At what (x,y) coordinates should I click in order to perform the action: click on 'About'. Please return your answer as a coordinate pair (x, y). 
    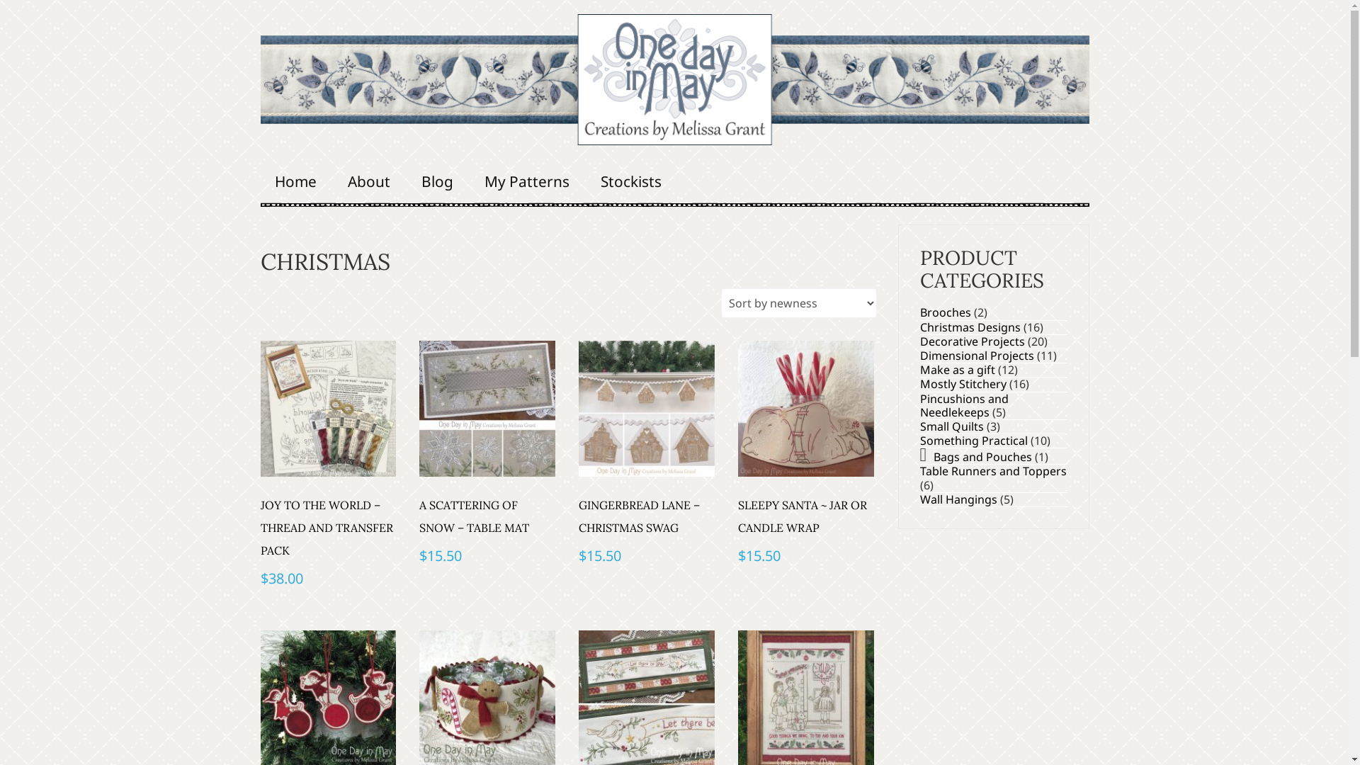
    Looking at the image, I should click on (368, 180).